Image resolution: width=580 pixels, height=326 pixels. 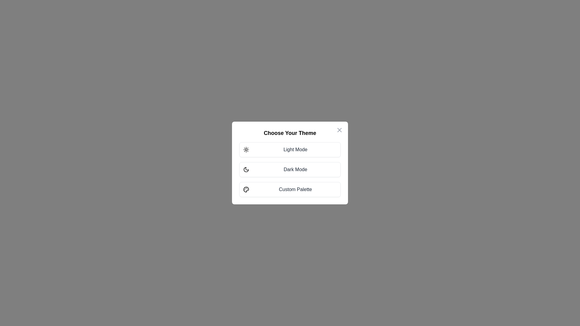 What do you see at coordinates (339, 130) in the screenshot?
I see `the 'X' button in the top-right corner of the dialog to close it` at bounding box center [339, 130].